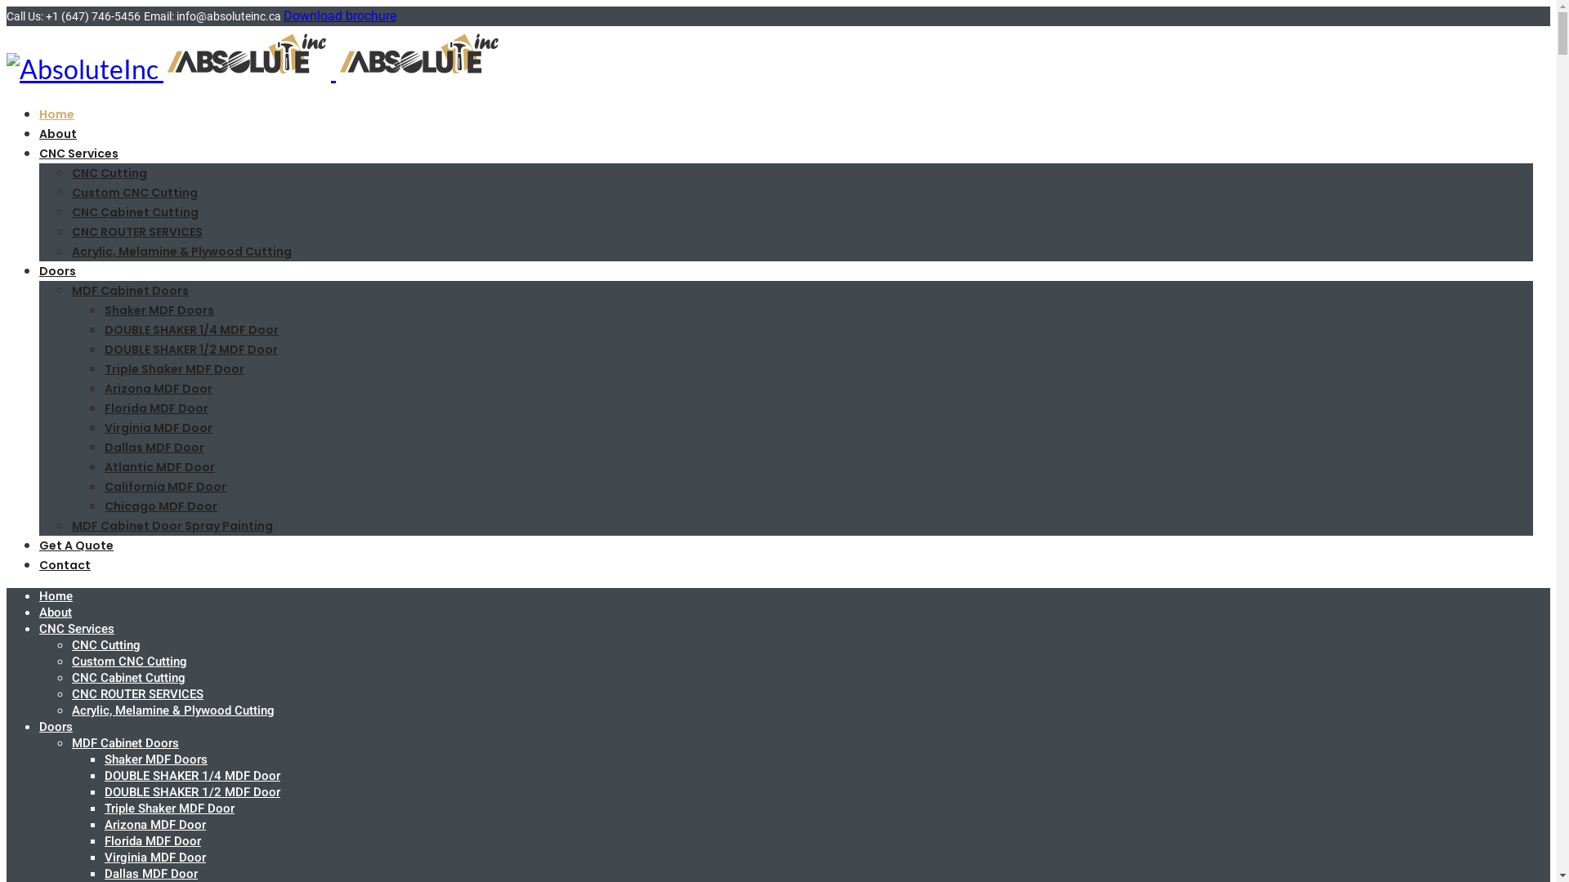  Describe the element at coordinates (57, 269) in the screenshot. I see `'Doors'` at that location.